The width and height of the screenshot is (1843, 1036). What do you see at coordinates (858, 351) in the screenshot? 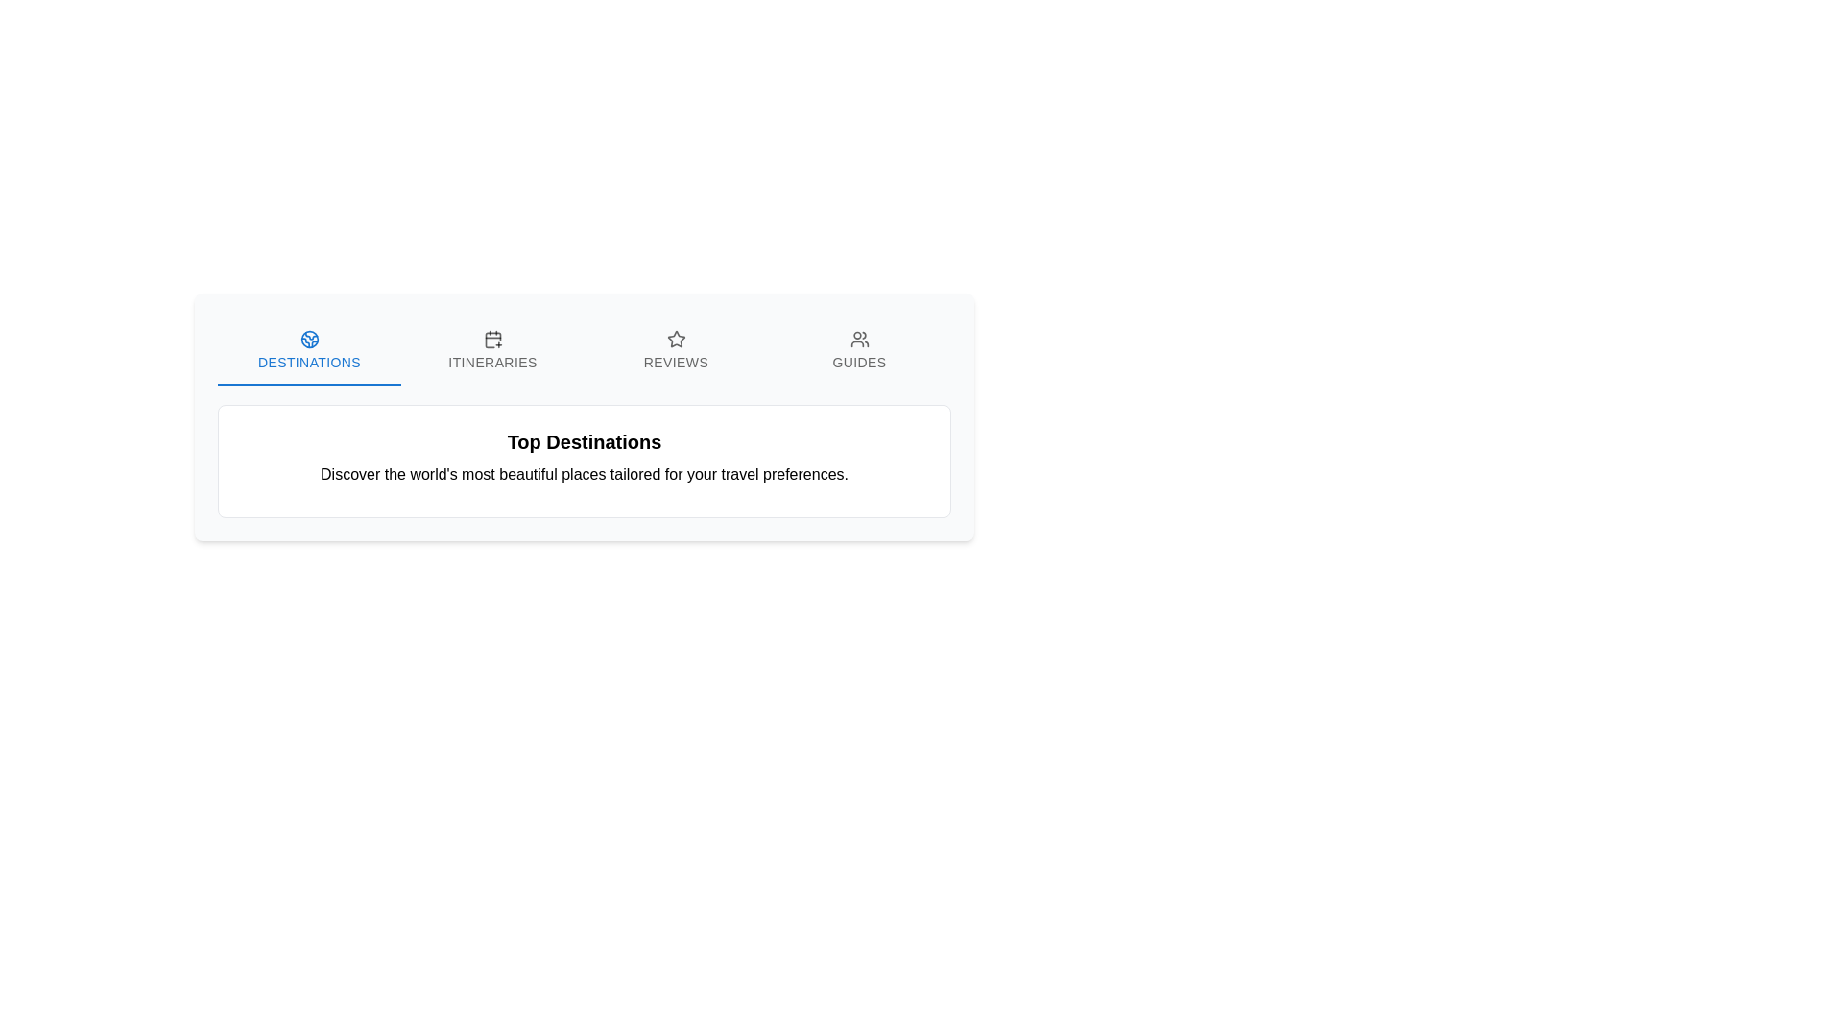
I see `the Tab button that navigates to the 'Guides' section` at bounding box center [858, 351].